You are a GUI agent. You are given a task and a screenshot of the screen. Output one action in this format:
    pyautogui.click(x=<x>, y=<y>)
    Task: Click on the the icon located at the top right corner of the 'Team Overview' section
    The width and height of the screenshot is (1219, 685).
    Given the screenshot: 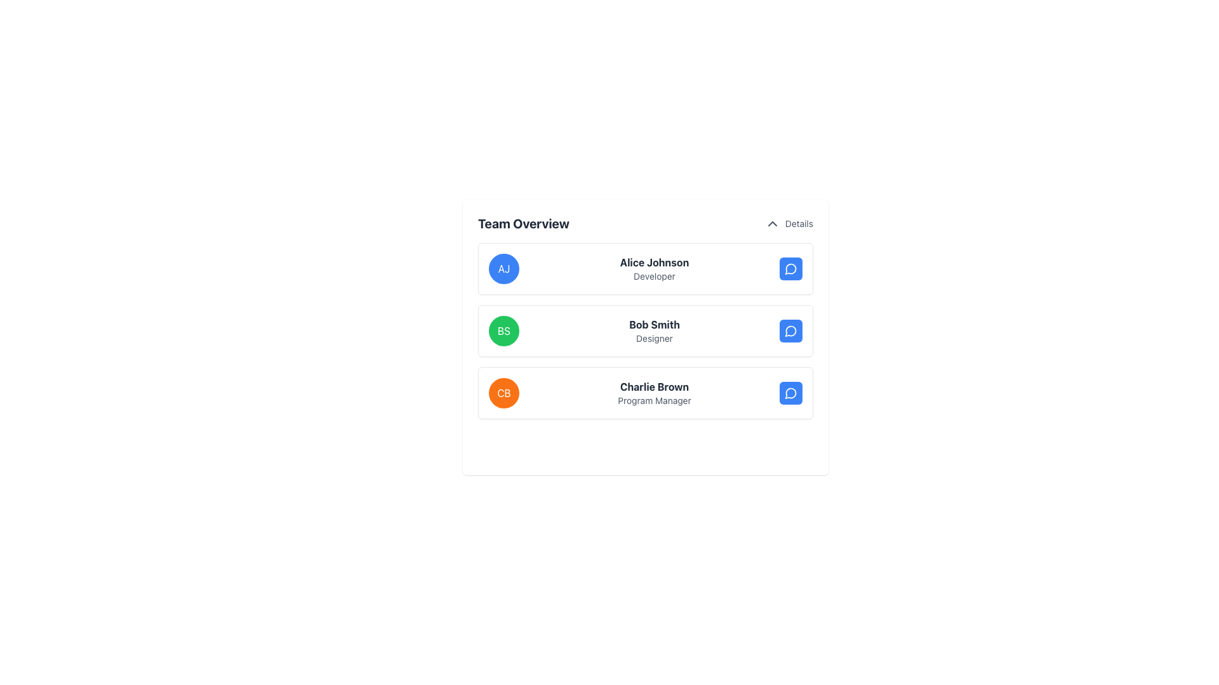 What is the action you would take?
    pyautogui.click(x=771, y=223)
    